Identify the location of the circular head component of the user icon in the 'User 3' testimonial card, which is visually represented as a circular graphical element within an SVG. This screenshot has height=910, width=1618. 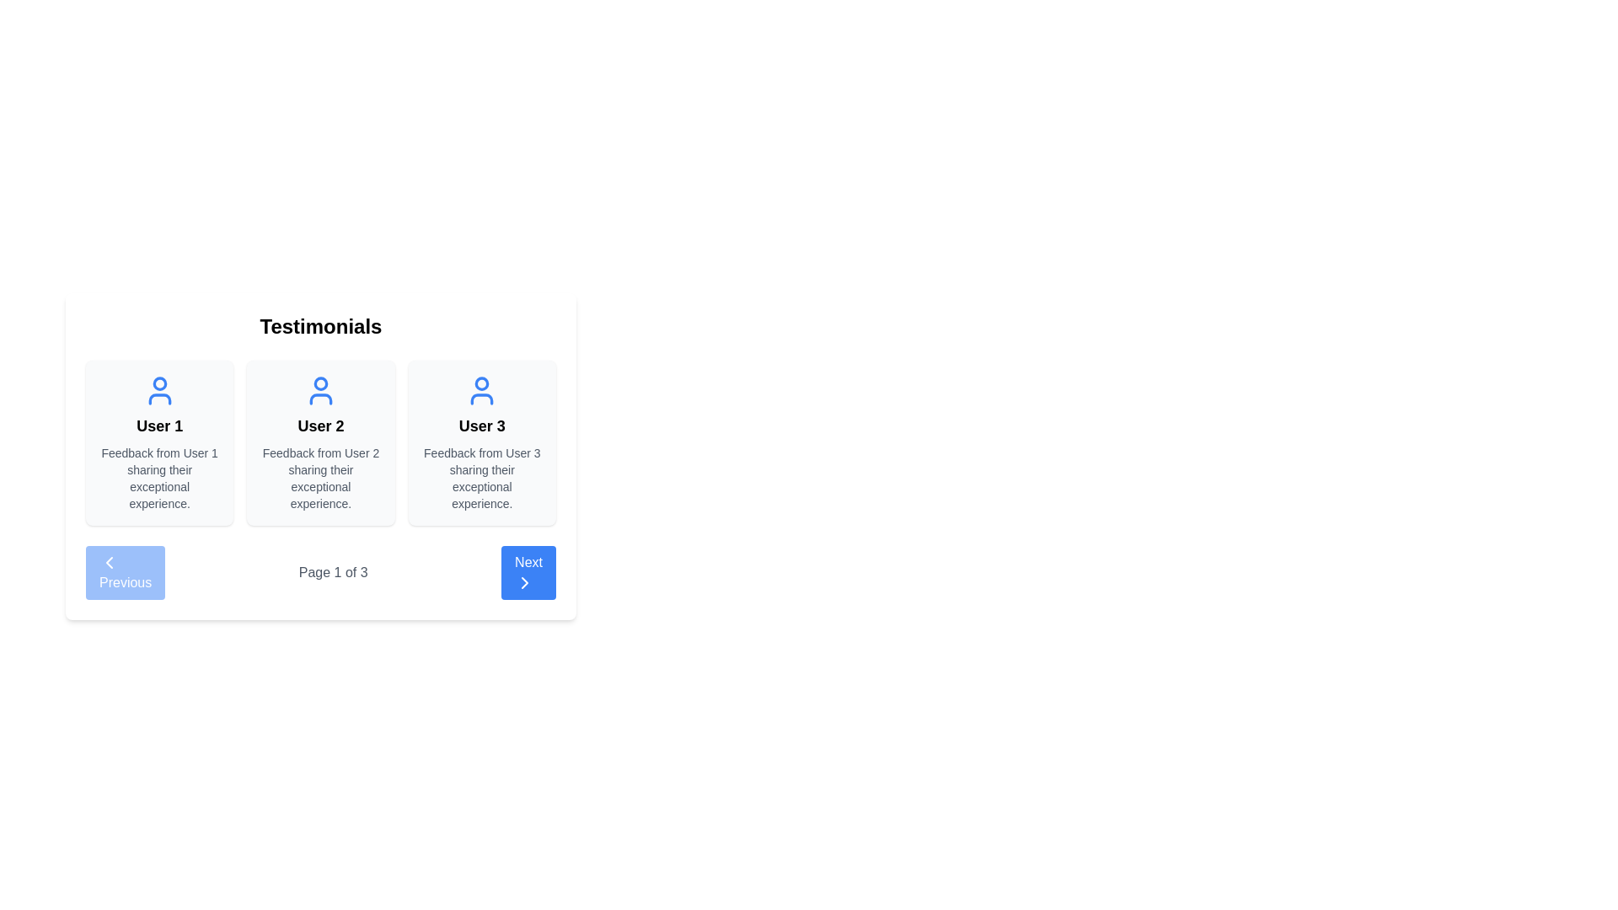
(481, 383).